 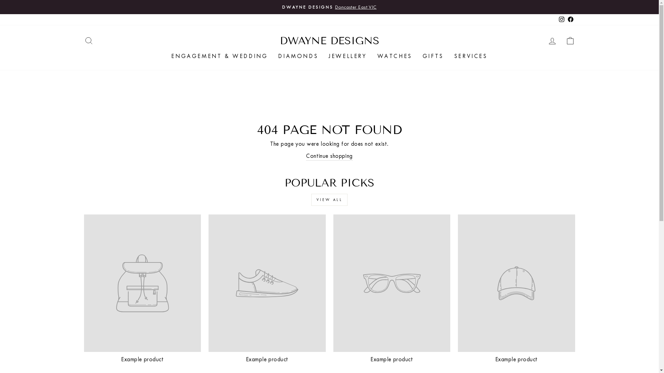 What do you see at coordinates (329, 41) in the screenshot?
I see `'DWAYNE DESIGNS'` at bounding box center [329, 41].